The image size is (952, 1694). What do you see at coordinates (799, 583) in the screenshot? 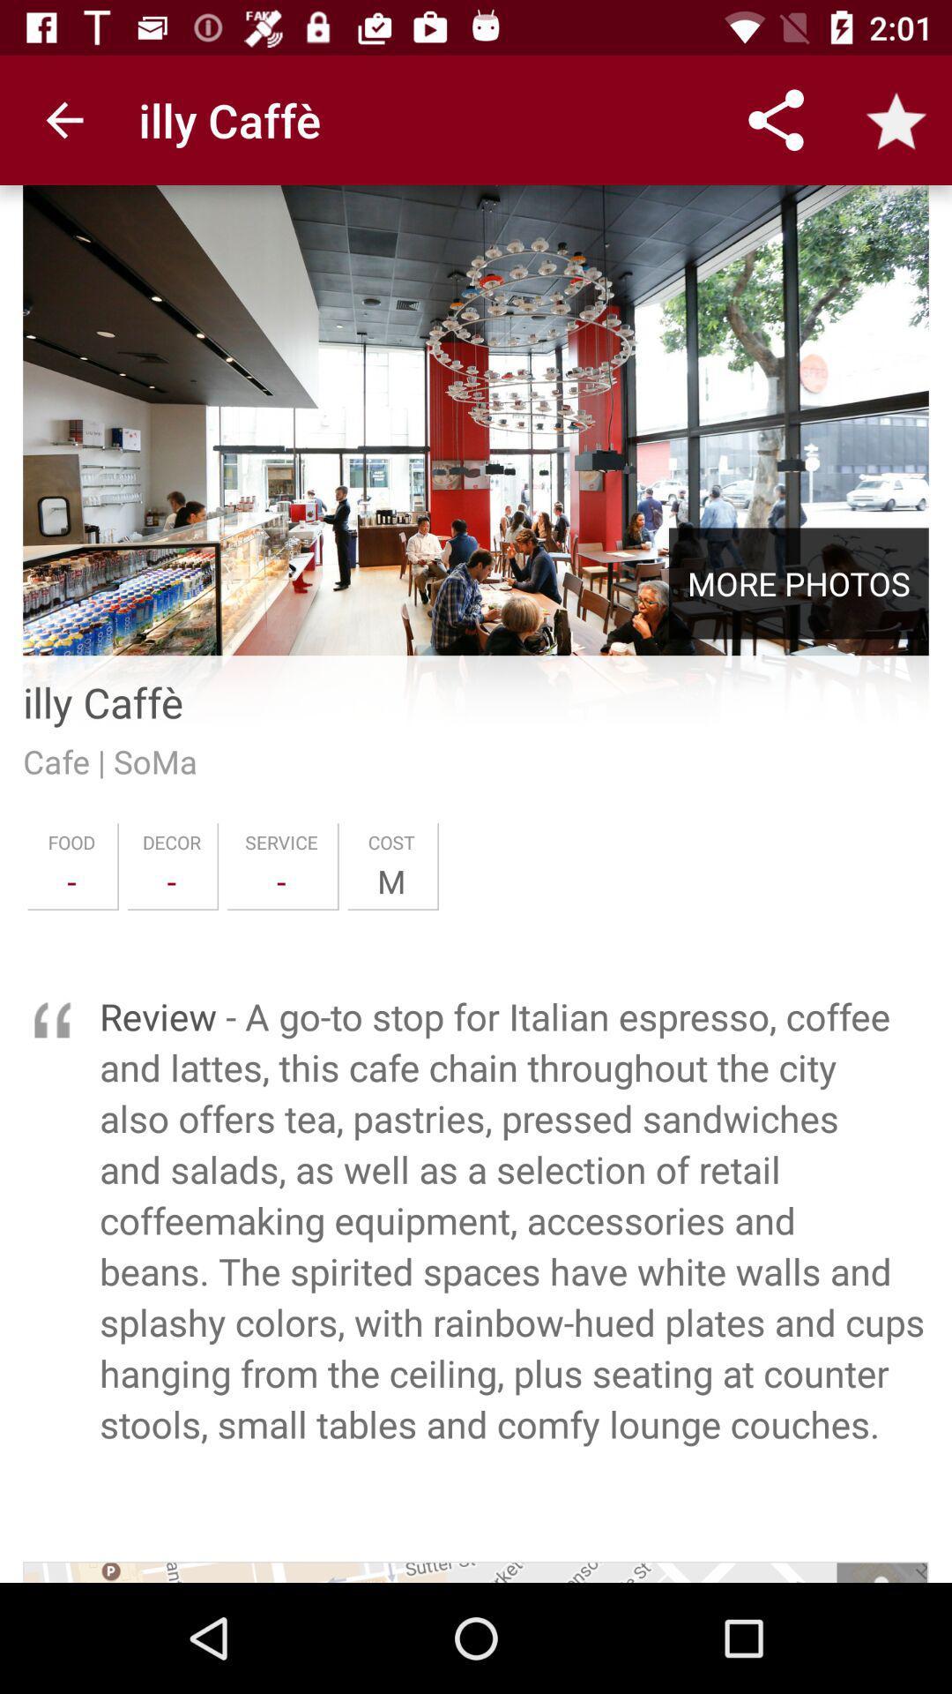
I see `the more photos item` at bounding box center [799, 583].